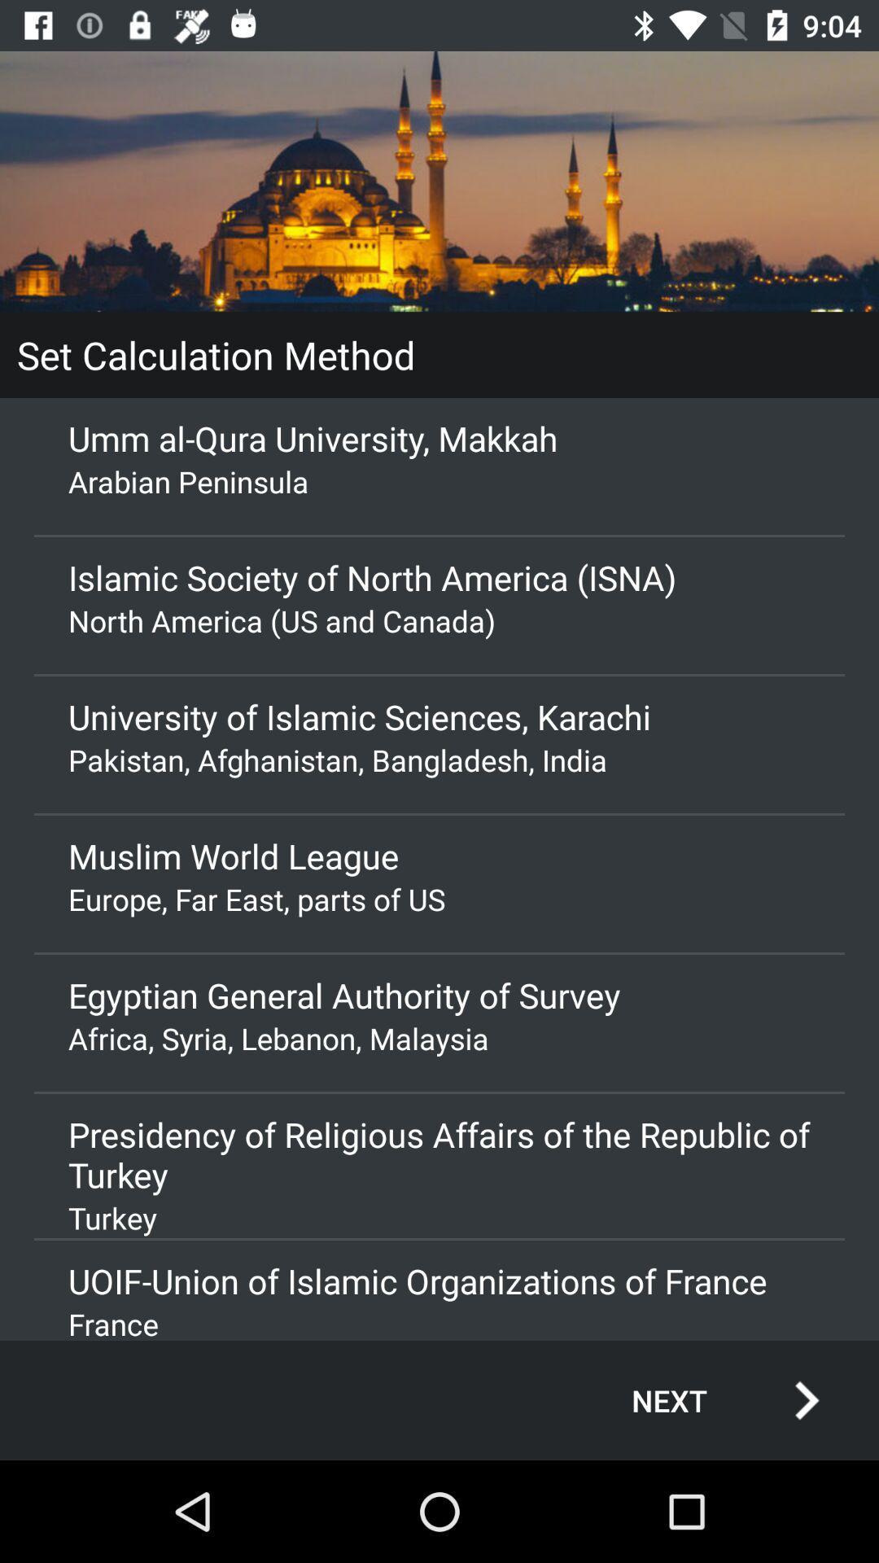 This screenshot has height=1563, width=879. I want to click on the item below africa syria lebanon icon, so click(439, 1154).